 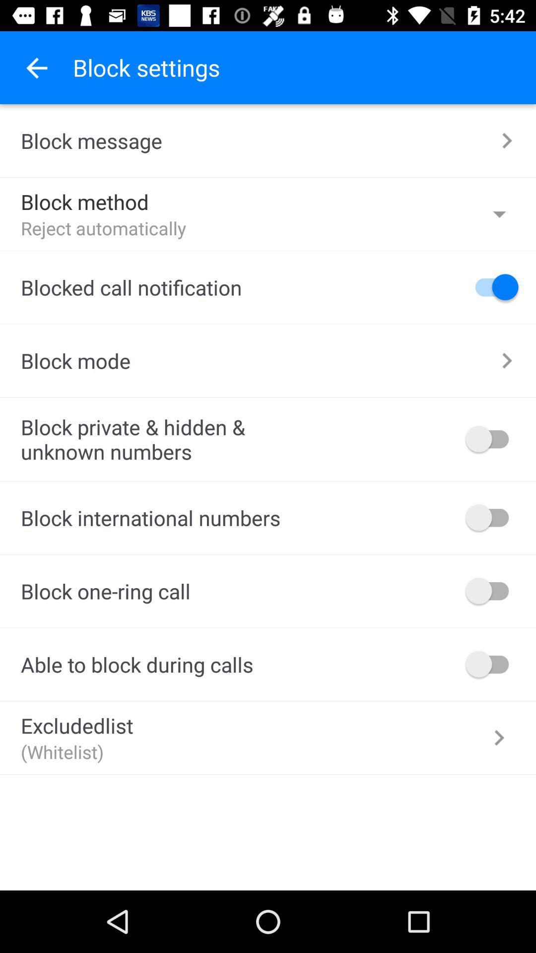 What do you see at coordinates (492, 438) in the screenshot?
I see `blocking private hidden unknown numbers` at bounding box center [492, 438].